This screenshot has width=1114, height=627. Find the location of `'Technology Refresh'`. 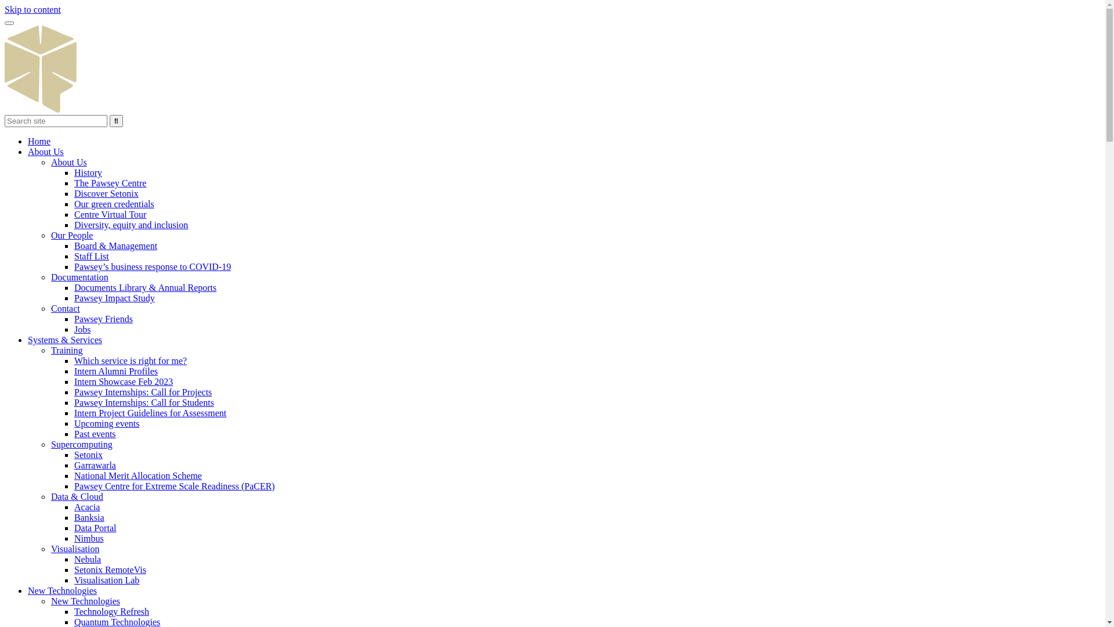

'Technology Refresh' is located at coordinates (111, 611).